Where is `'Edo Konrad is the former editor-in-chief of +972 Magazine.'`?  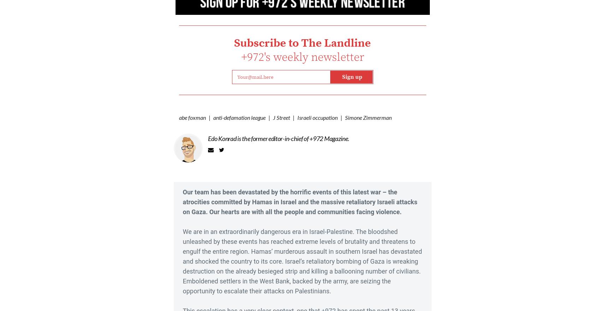 'Edo Konrad is the former editor-in-chief of +972 Magazine.' is located at coordinates (208, 137).